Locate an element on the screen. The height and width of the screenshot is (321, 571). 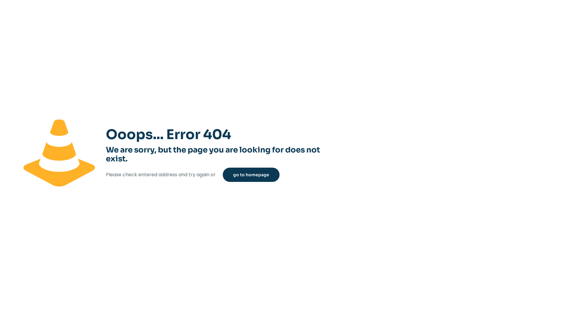
'go to homepage' is located at coordinates (251, 174).